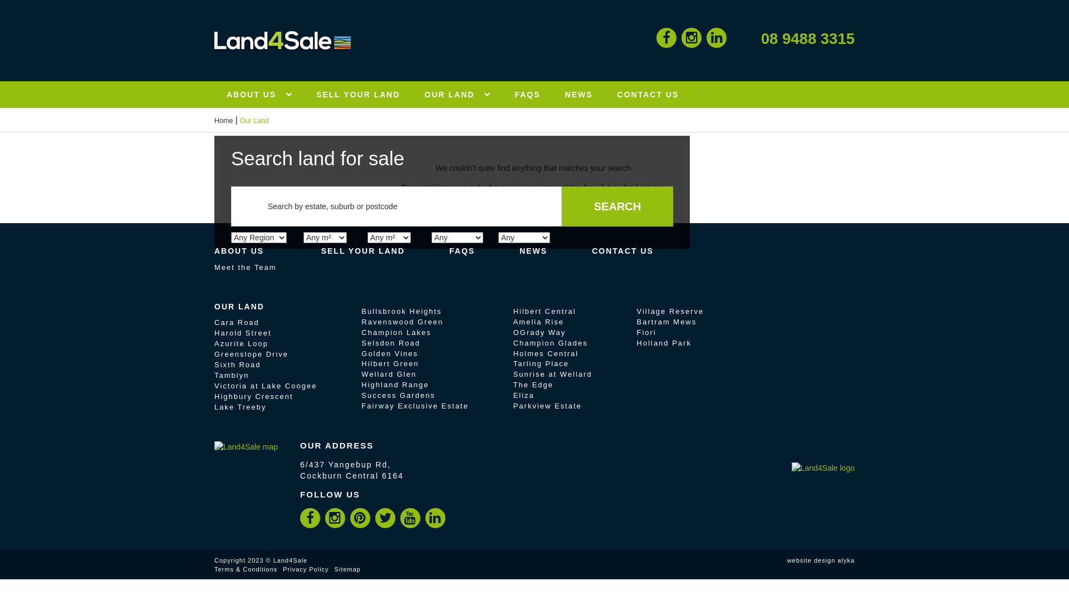  I want to click on 'Highland Range', so click(361, 384).